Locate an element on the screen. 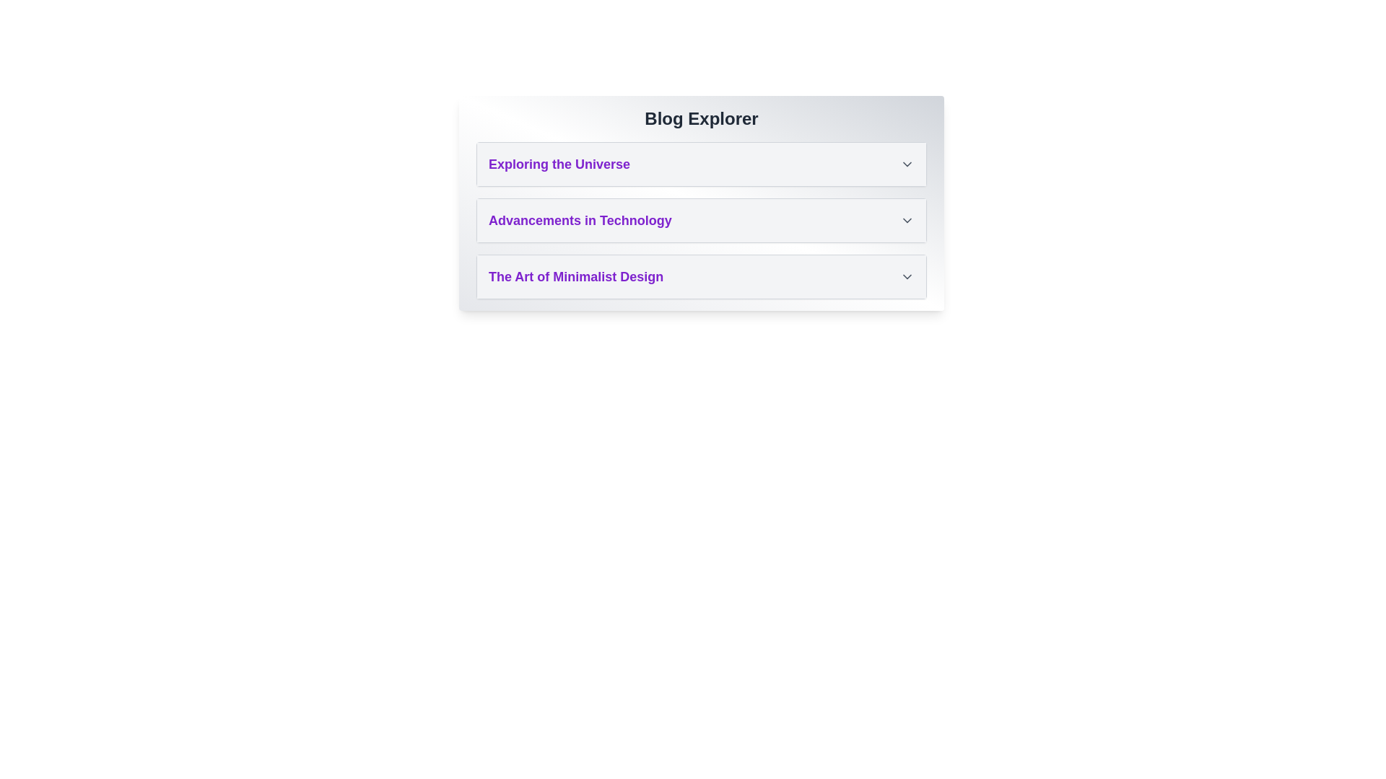 The image size is (1386, 779). text content of the bold purple label that says 'Advancements in Technology' located in the second section of the 'Blog Explorer' segmented list is located at coordinates (580, 220).